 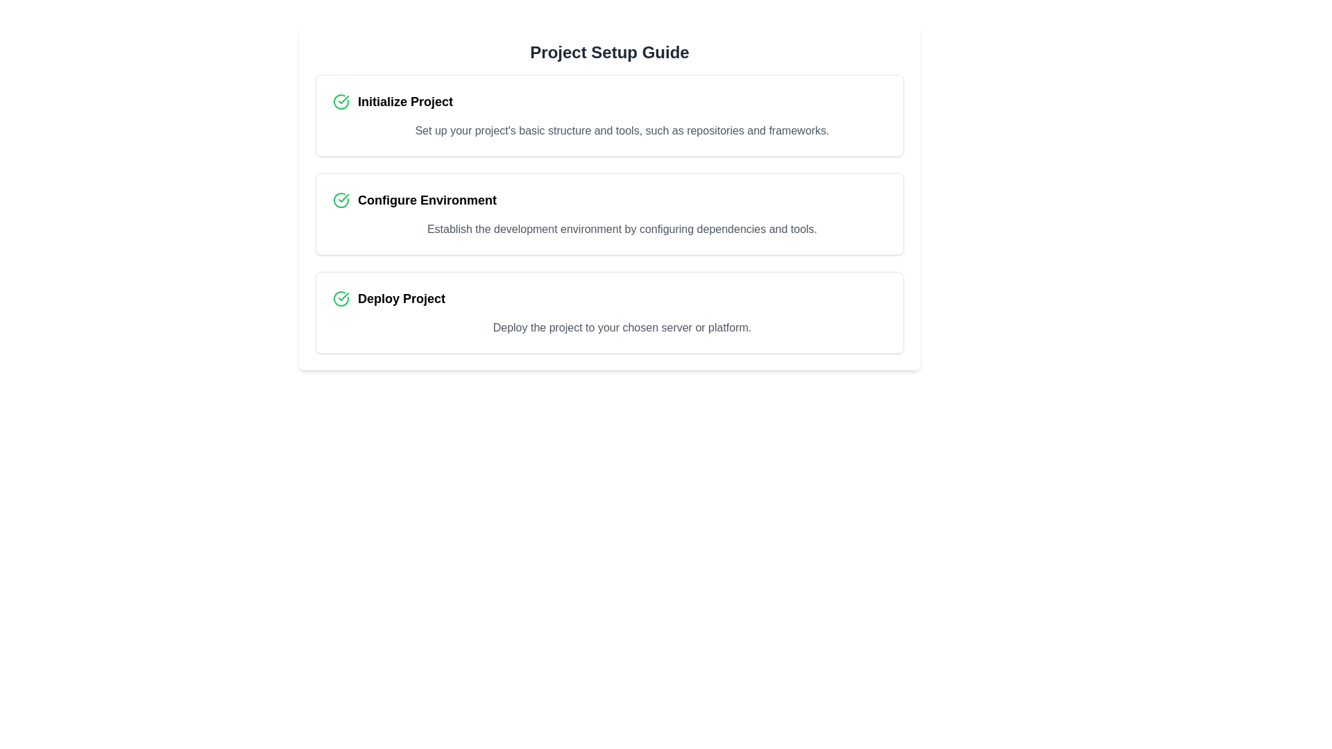 What do you see at coordinates (401, 298) in the screenshot?
I see `text label that serves as the title for the action 'Deploy Project', located in the third section of the 'Project Setup Guide', positioned to the right of the green circular icon with a checkmark` at bounding box center [401, 298].